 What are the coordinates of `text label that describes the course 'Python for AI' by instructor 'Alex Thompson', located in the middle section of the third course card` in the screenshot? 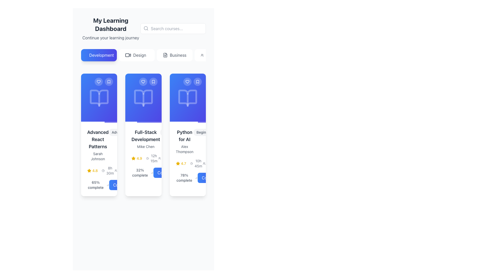 It's located at (184, 142).